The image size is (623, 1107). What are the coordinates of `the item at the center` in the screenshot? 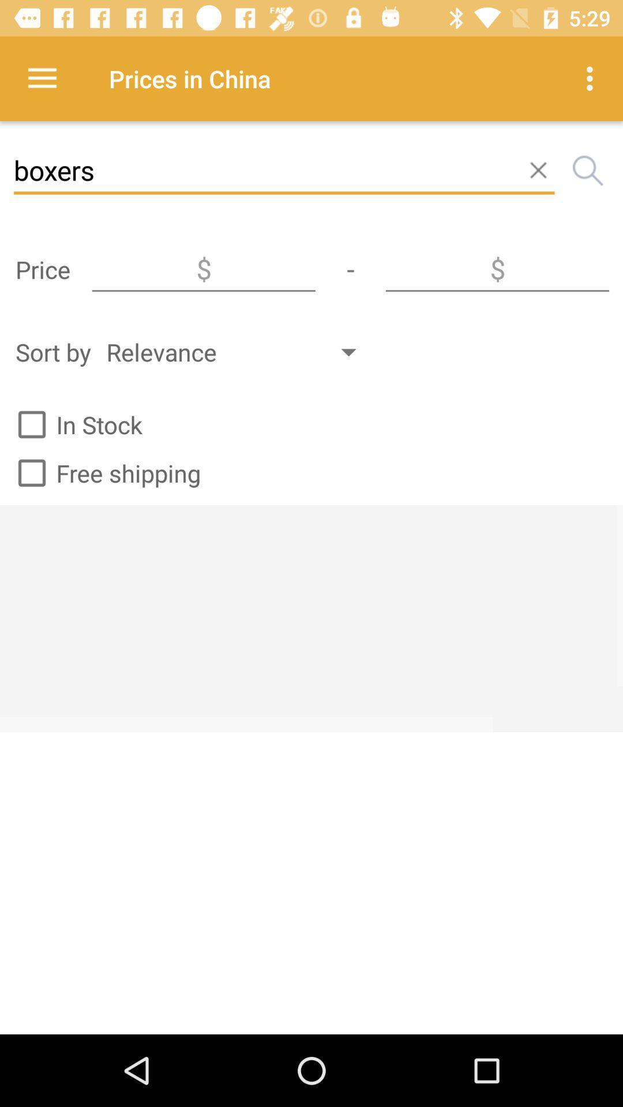 It's located at (311, 617).